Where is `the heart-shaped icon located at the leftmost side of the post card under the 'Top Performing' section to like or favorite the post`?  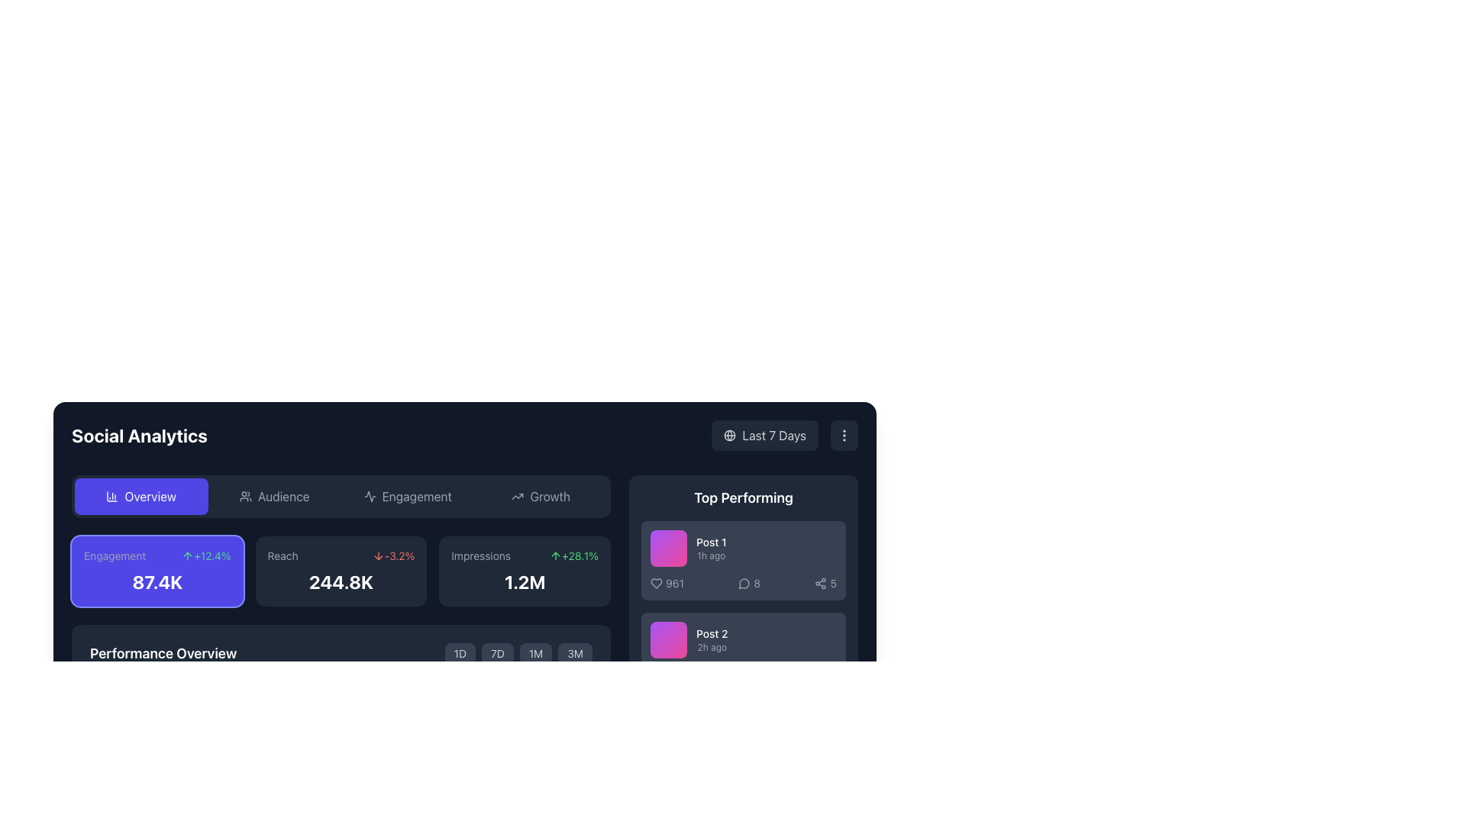
the heart-shaped icon located at the leftmost side of the post card under the 'Top Performing' section to like or favorite the post is located at coordinates (656, 583).